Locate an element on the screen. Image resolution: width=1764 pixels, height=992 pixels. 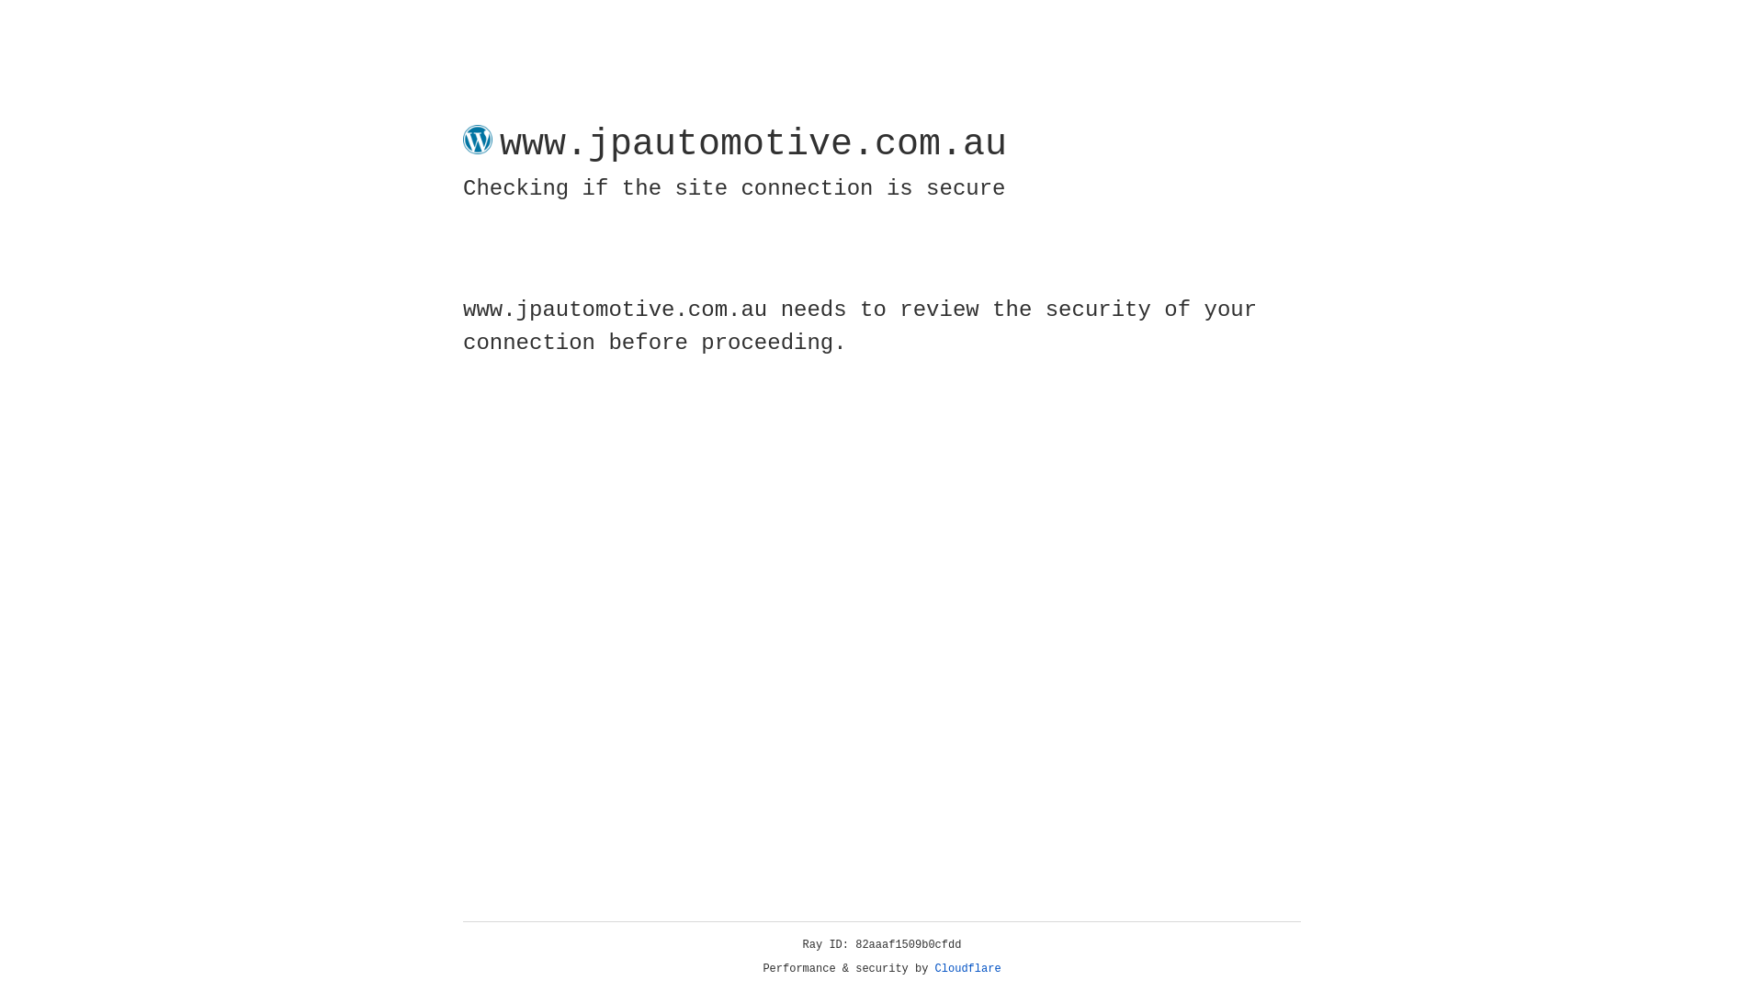
'Cloudflare' is located at coordinates (967, 968).